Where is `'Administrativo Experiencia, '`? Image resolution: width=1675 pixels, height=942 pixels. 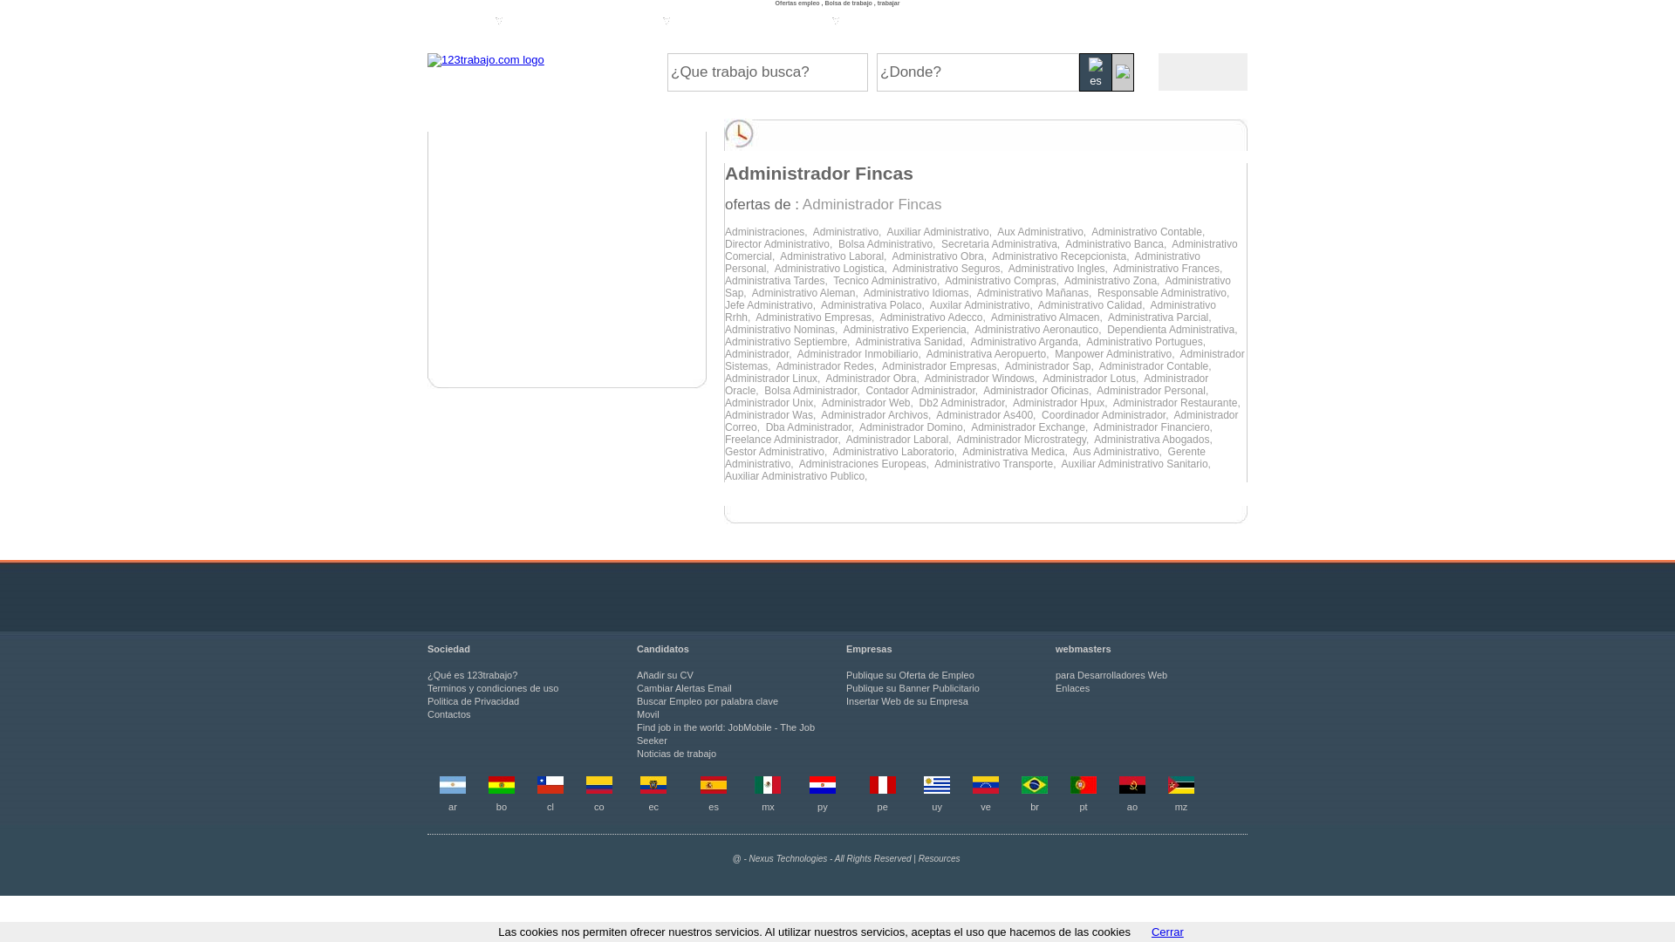
'Administrativo Experiencia, ' is located at coordinates (907, 330).